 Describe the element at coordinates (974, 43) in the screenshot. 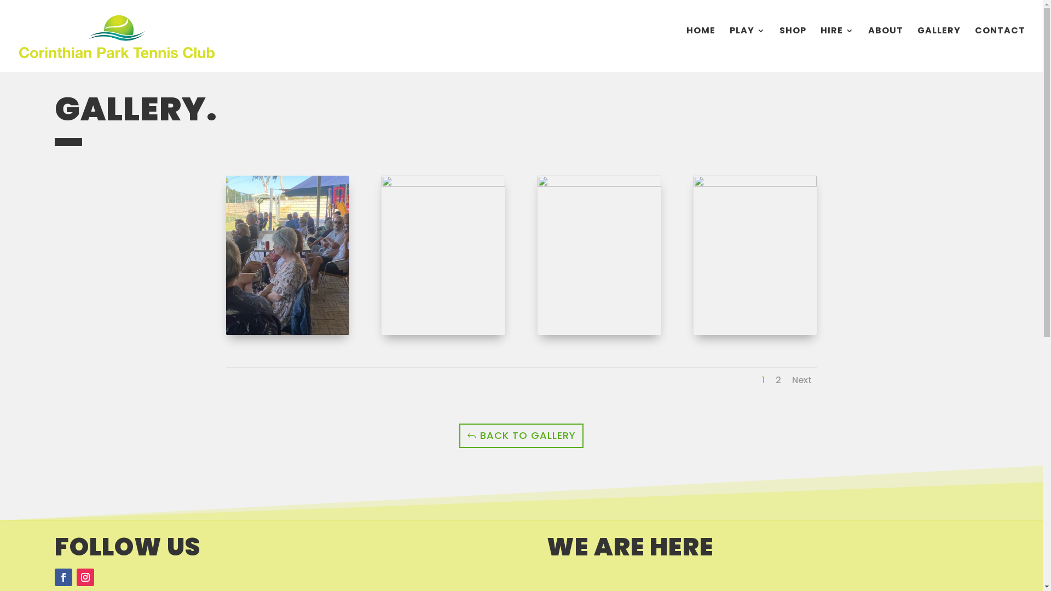

I see `'CONTACT'` at that location.